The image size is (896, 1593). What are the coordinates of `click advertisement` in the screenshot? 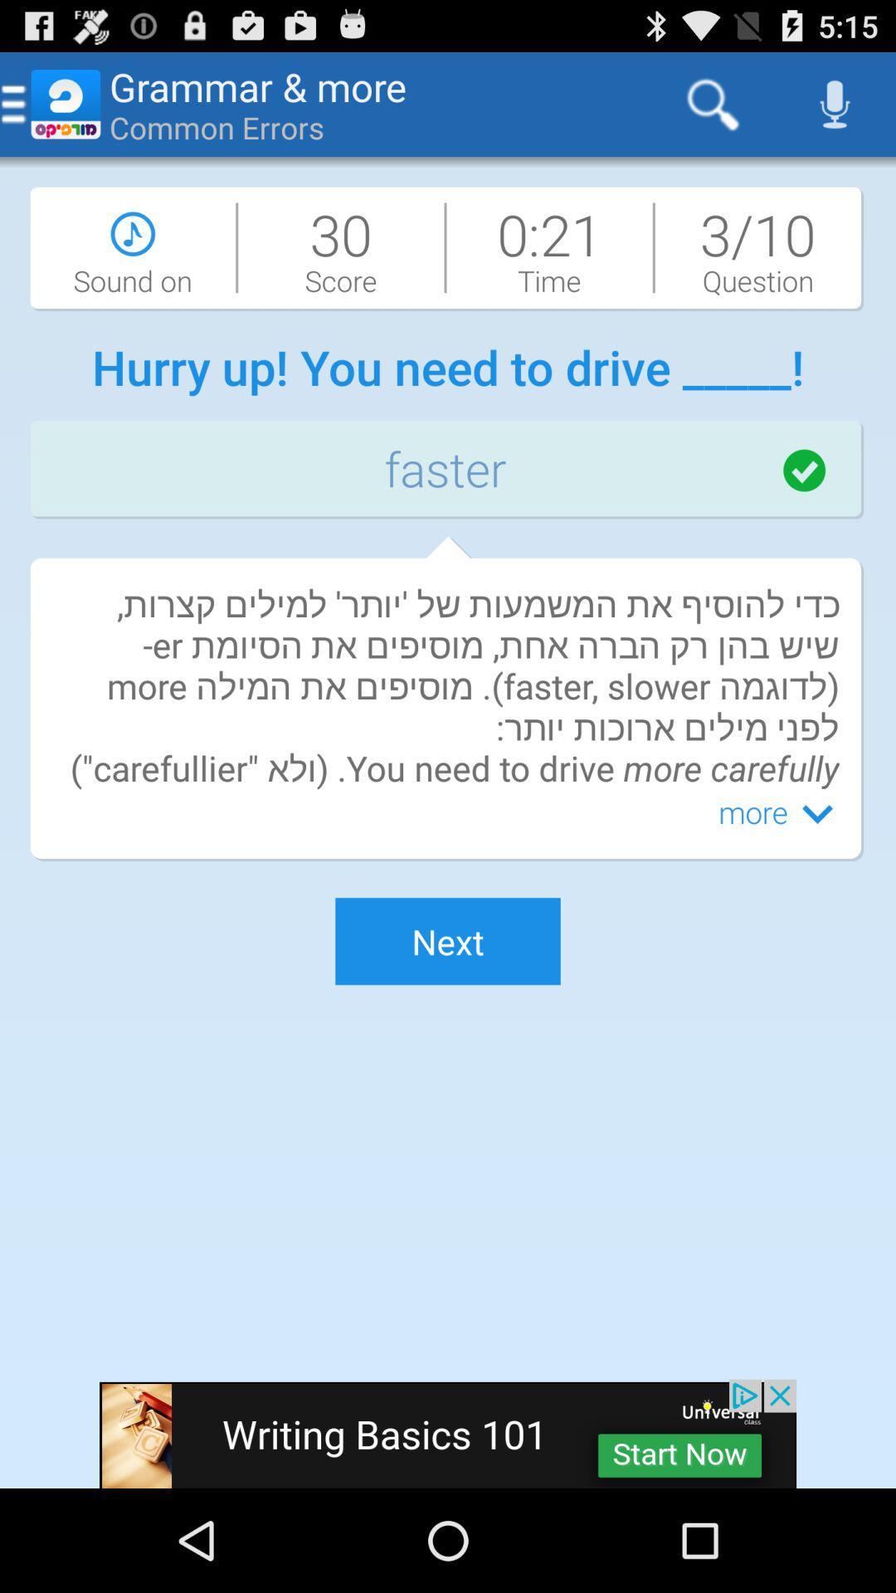 It's located at (448, 1433).